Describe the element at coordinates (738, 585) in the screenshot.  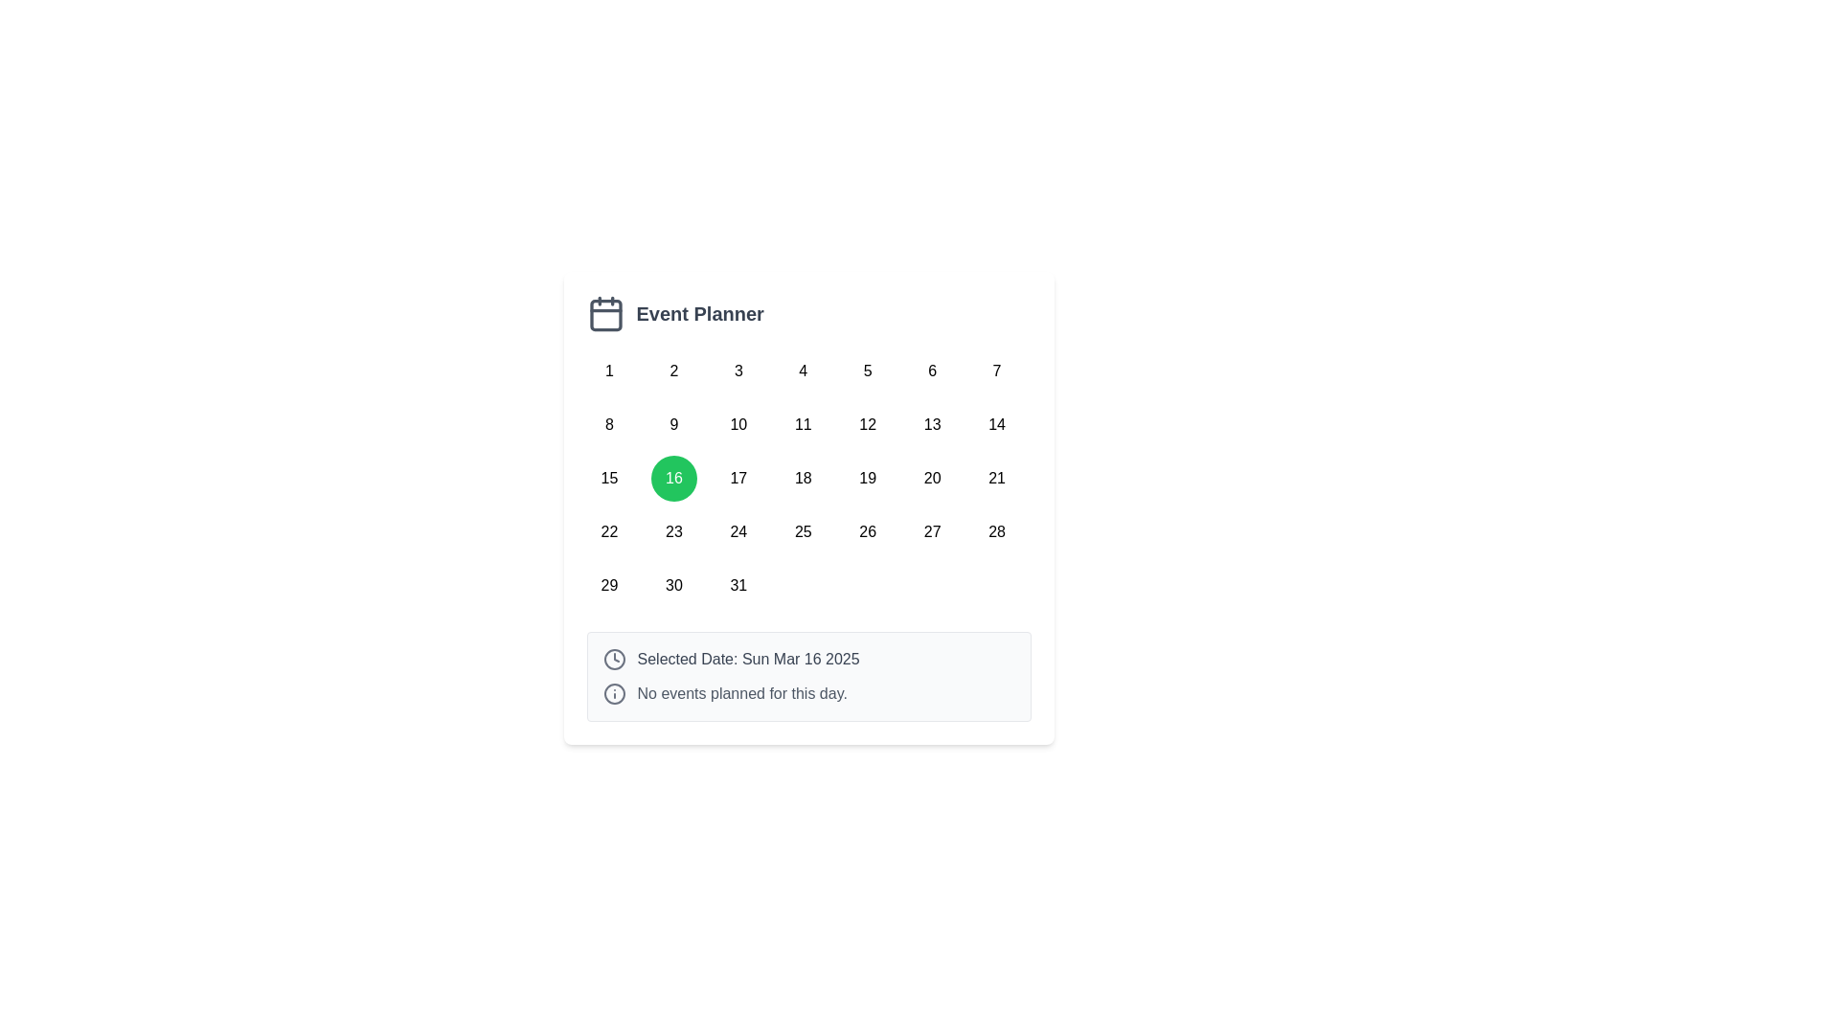
I see `the calendar button representing the 31st date in the bottom-right corner of the grid` at that location.